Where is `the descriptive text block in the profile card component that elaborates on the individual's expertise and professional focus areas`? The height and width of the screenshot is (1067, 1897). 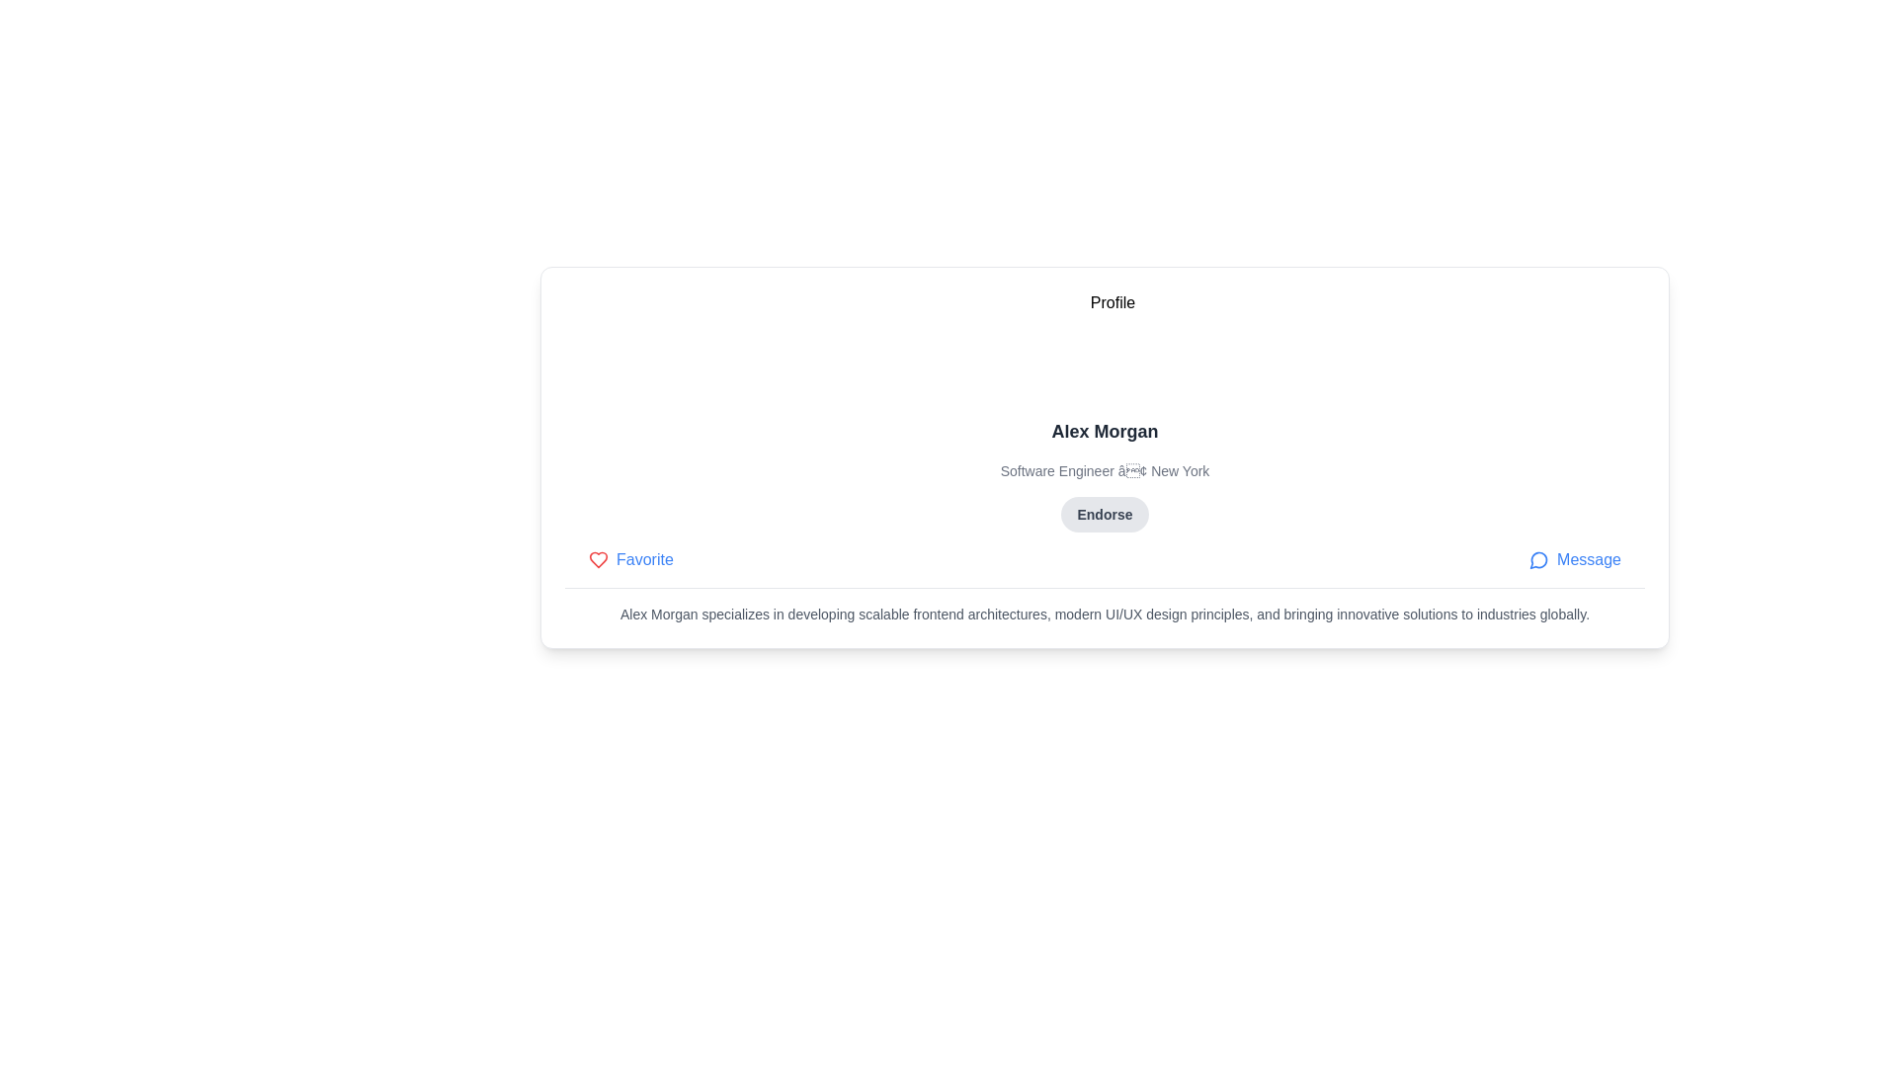
the descriptive text block in the profile card component that elaborates on the individual's expertise and professional focus areas is located at coordinates (1104, 605).